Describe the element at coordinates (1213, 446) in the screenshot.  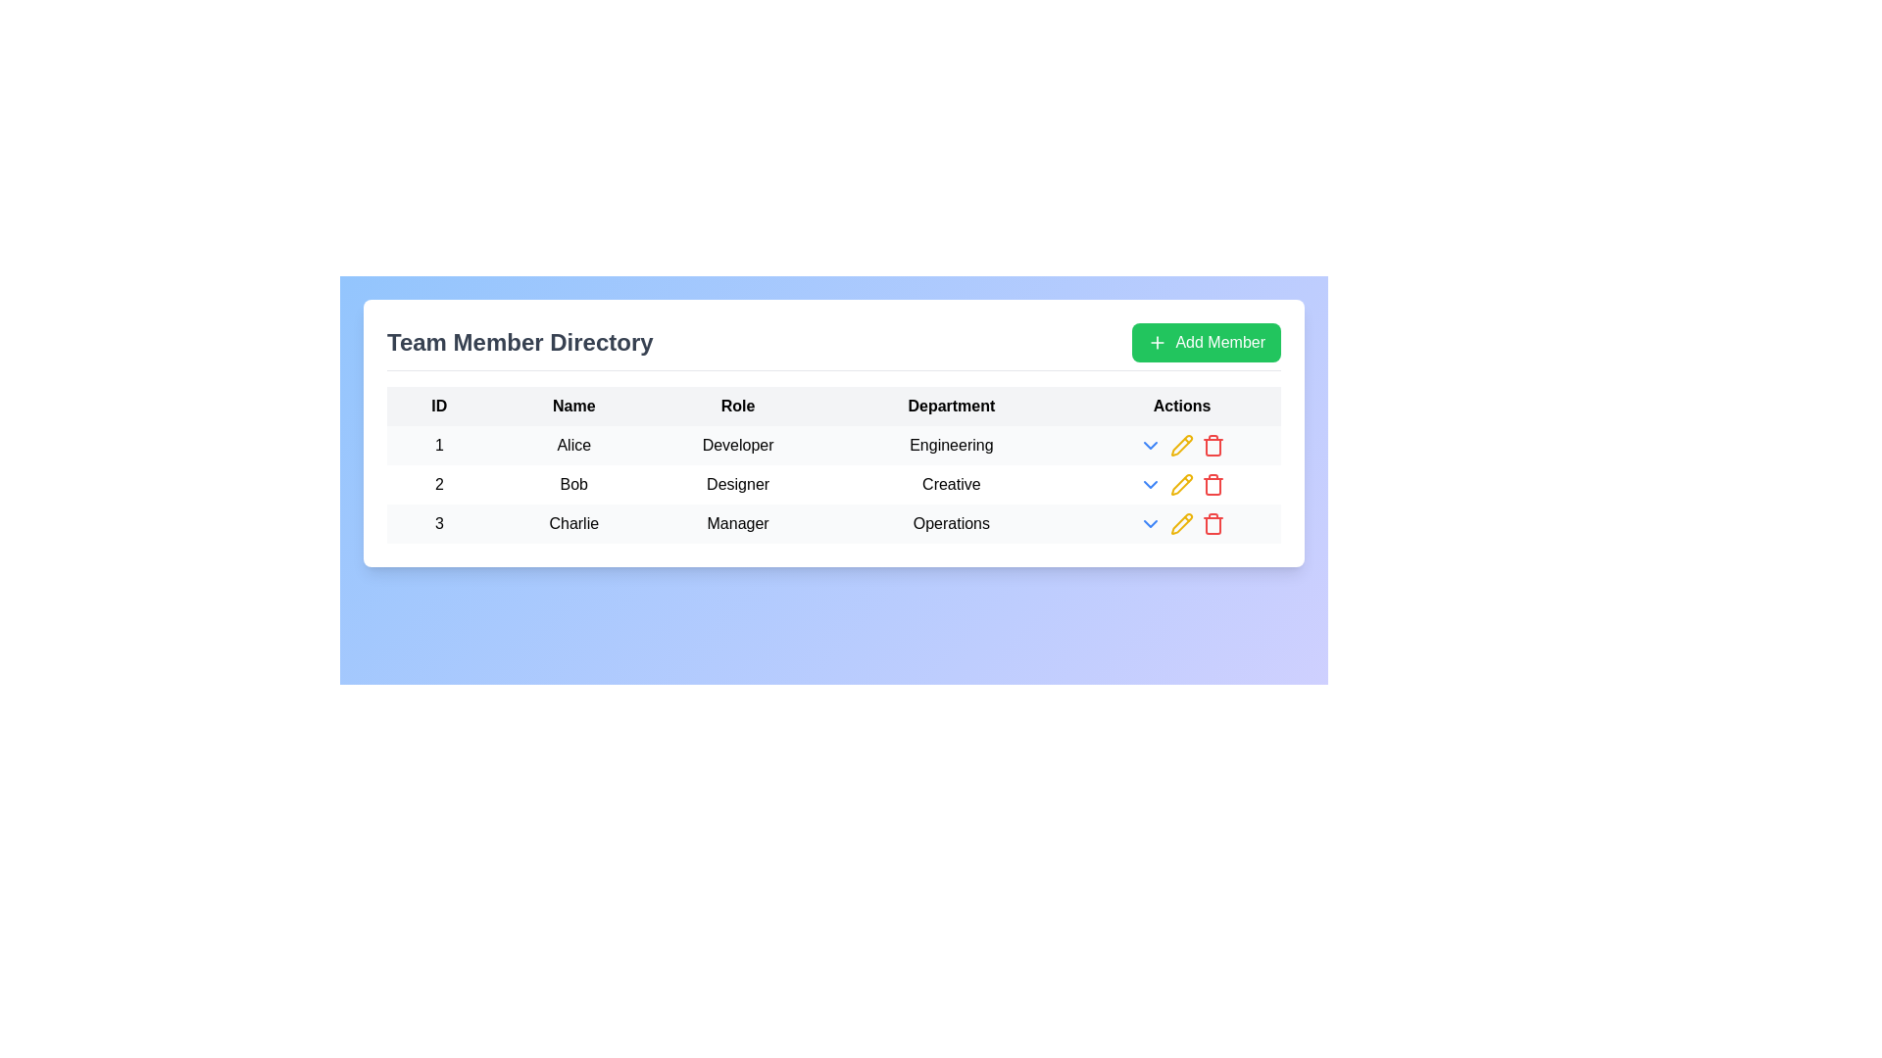
I see `the delete button icon associated with user 'Alice' in the 'Actions' column` at that location.